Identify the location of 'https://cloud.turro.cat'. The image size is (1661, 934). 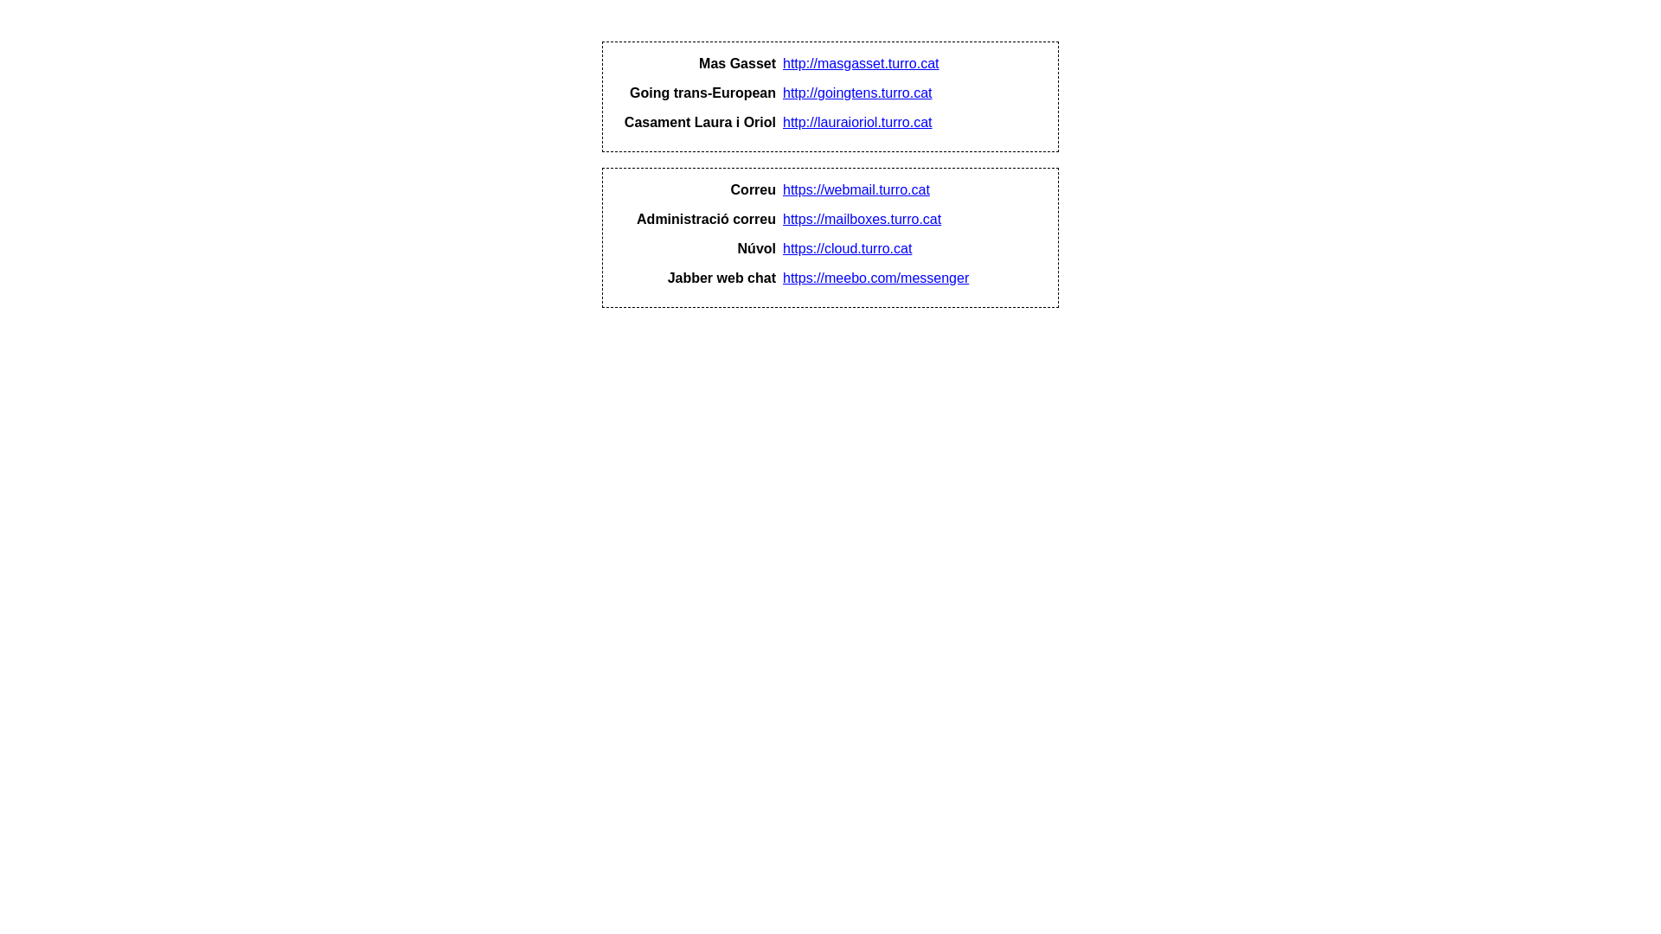
(782, 248).